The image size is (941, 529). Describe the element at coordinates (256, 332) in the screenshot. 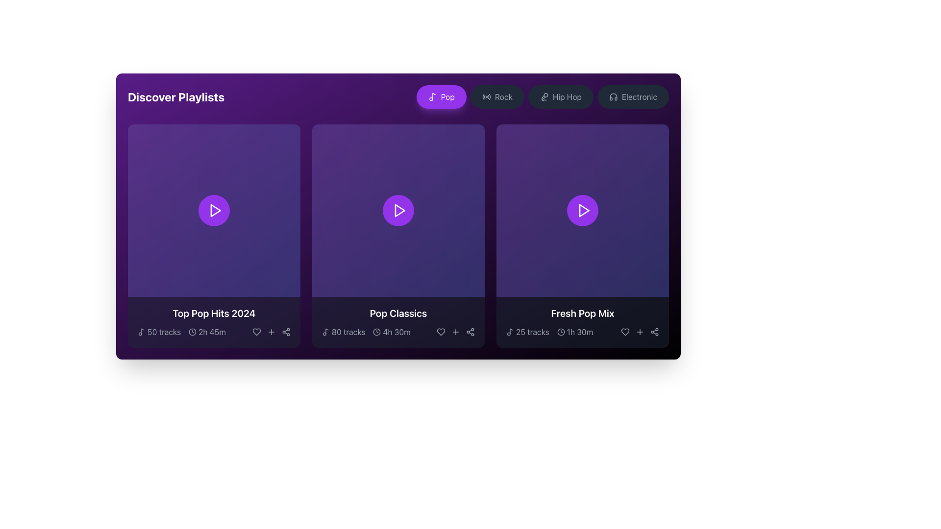

I see `the heart-shaped icon button located within the 'Top Pop Hits 2024' playlist card` at that location.